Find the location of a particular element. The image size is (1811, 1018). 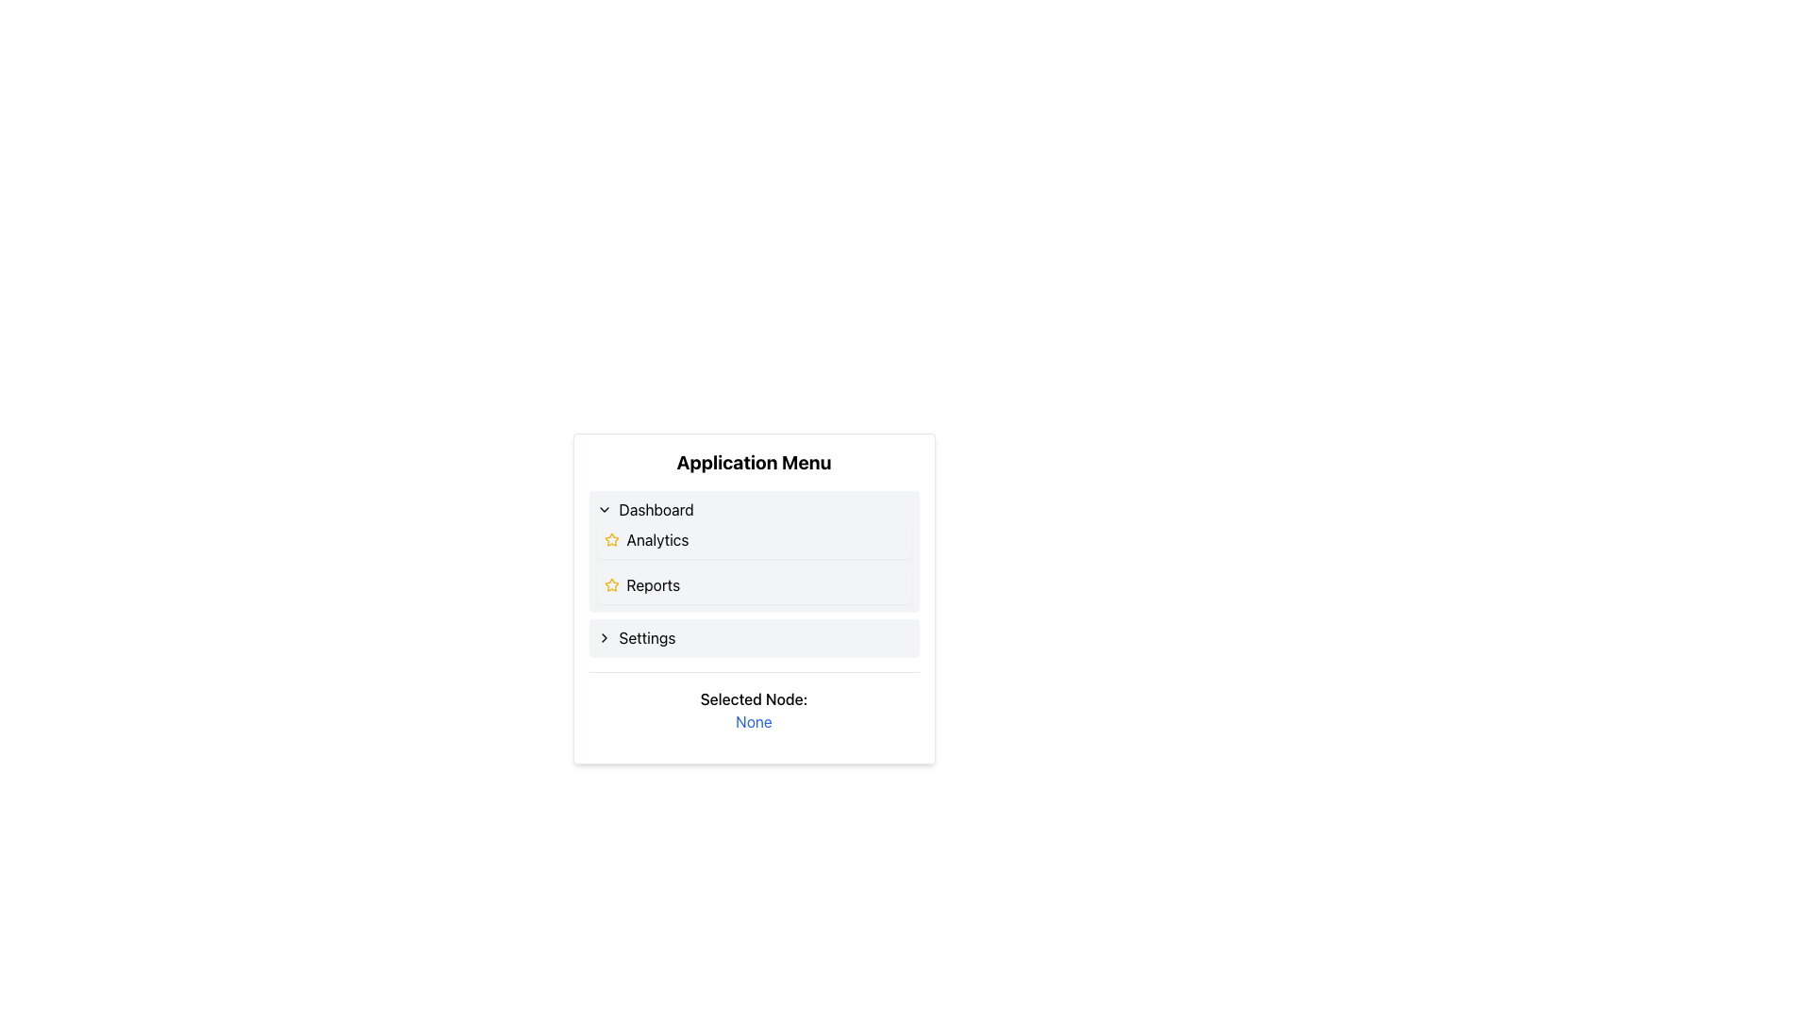

the text label that reads 'Selected Node:' which is centrally located at the bottom of the application menu, above the 'None' text is located at coordinates (753, 698).